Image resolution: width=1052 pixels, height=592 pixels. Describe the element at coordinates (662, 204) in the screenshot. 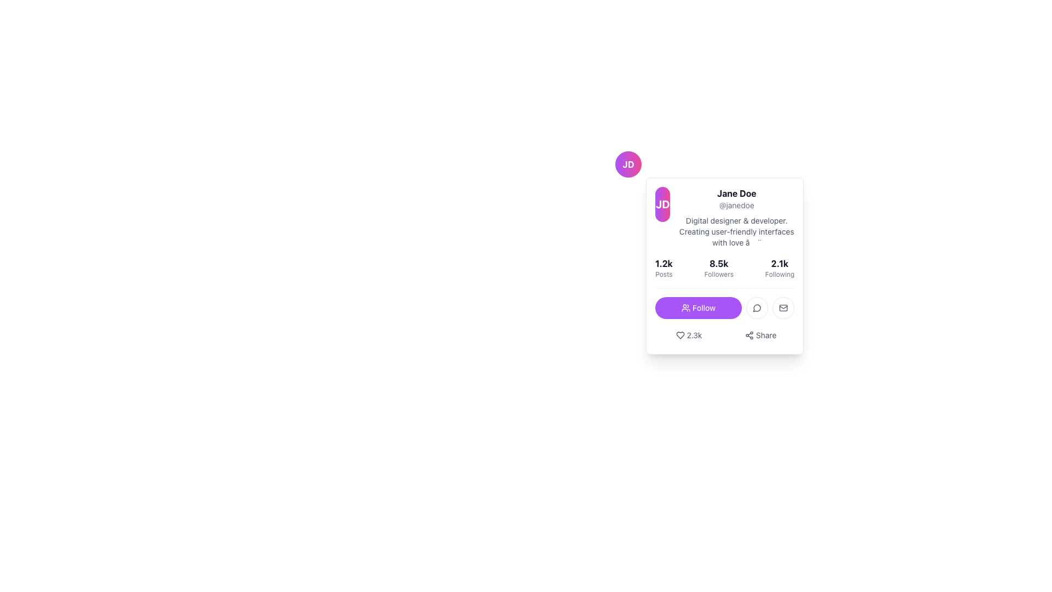

I see `the circular avatar badge featuring a purple-to-pink gradient background with the initials 'JD' in white, bold text` at that location.